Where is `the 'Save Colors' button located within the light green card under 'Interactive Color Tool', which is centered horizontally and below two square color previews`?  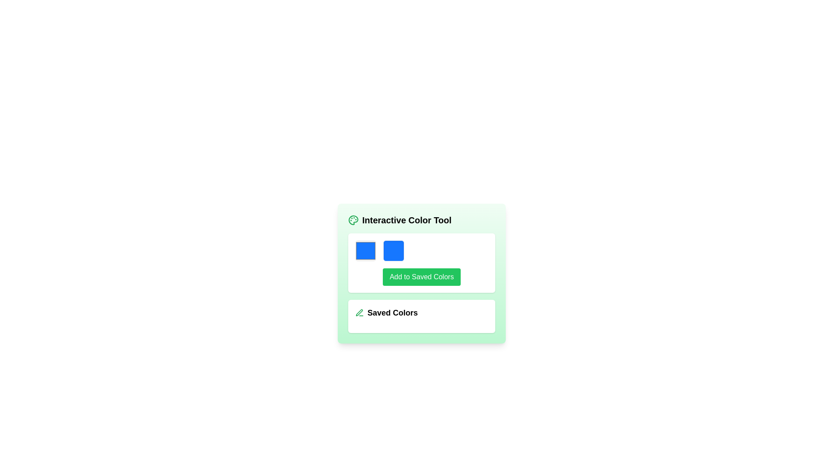 the 'Save Colors' button located within the light green card under 'Interactive Color Tool', which is centered horizontally and below two square color previews is located at coordinates (422, 277).